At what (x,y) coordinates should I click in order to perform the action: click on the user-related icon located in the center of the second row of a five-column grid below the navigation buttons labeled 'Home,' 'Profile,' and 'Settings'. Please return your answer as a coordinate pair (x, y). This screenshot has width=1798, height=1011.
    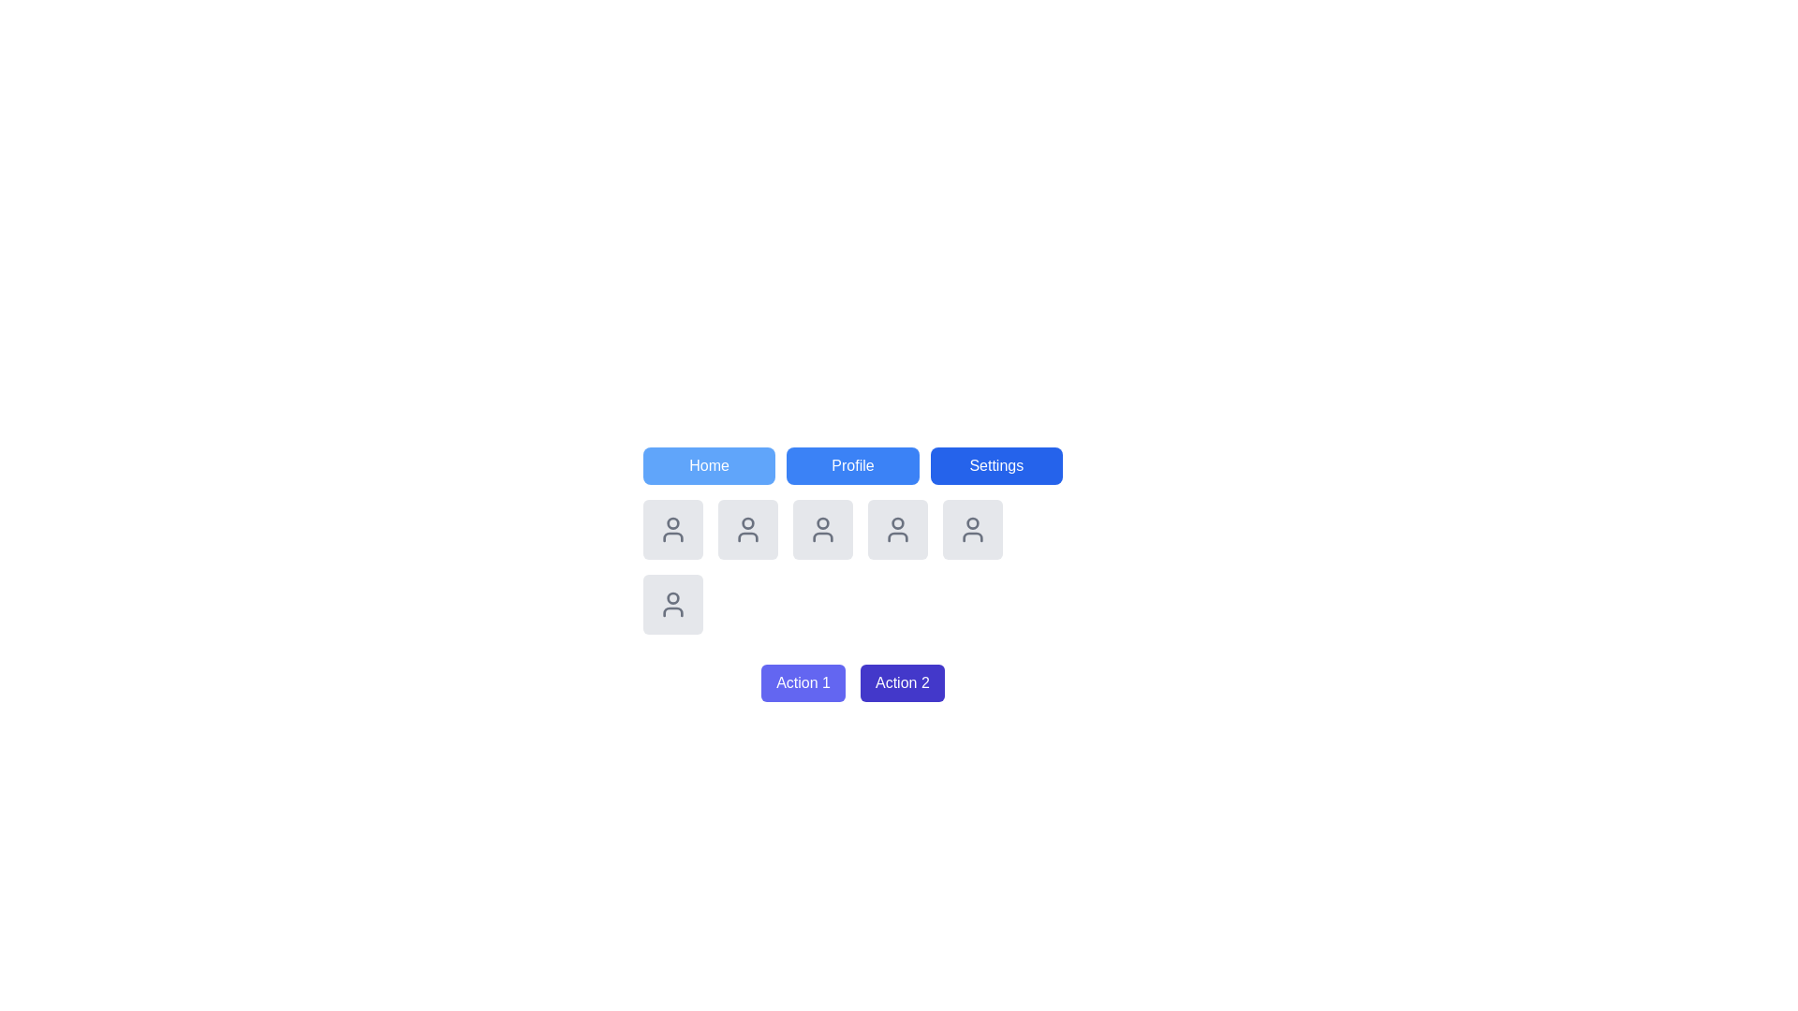
    Looking at the image, I should click on (822, 530).